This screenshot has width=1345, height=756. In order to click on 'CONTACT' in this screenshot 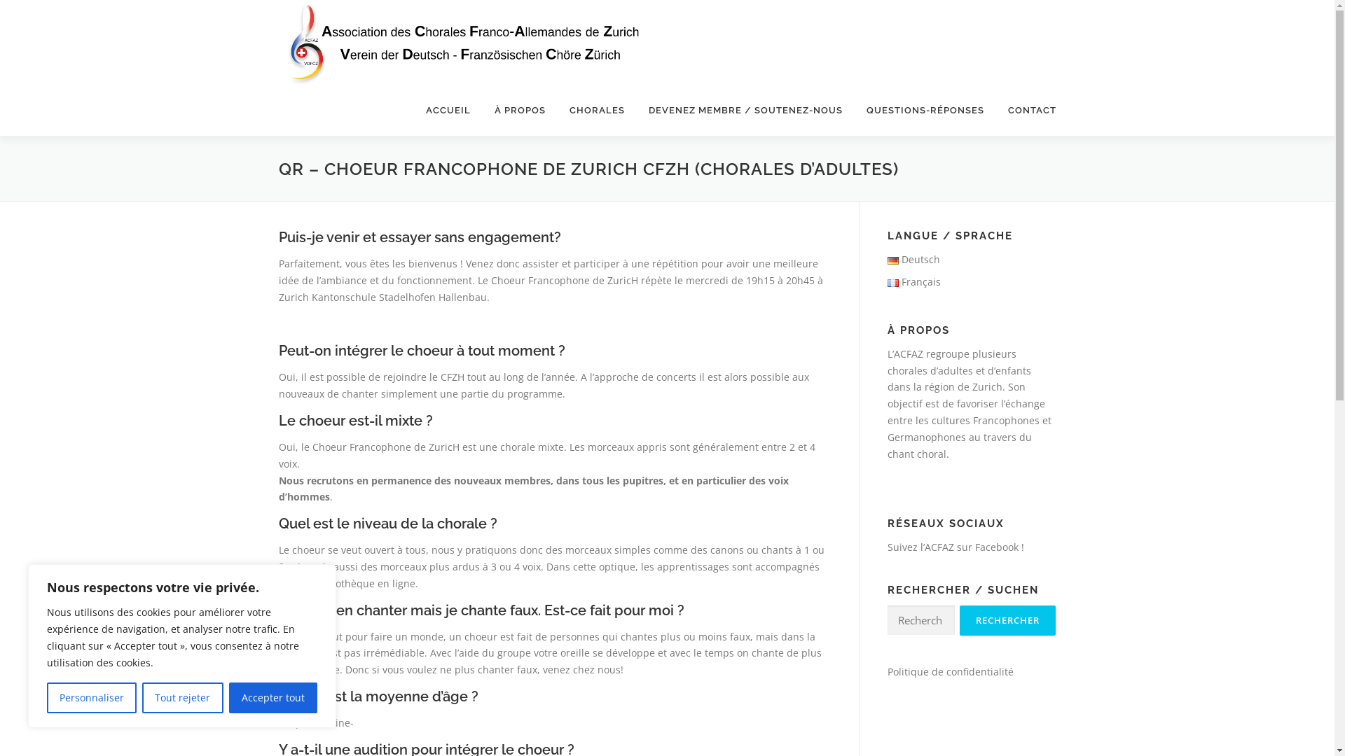, I will do `click(1026, 109)`.